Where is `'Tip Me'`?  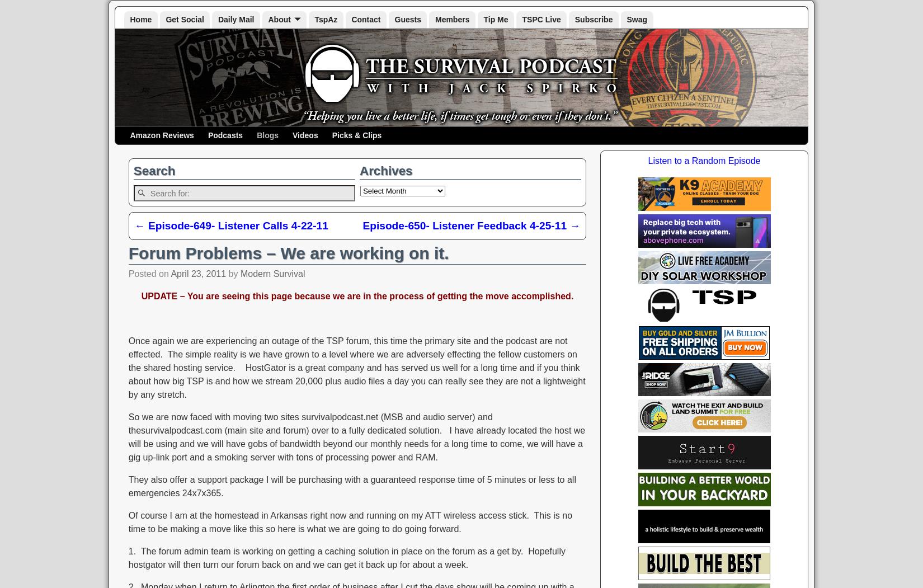
'Tip Me' is located at coordinates (496, 19).